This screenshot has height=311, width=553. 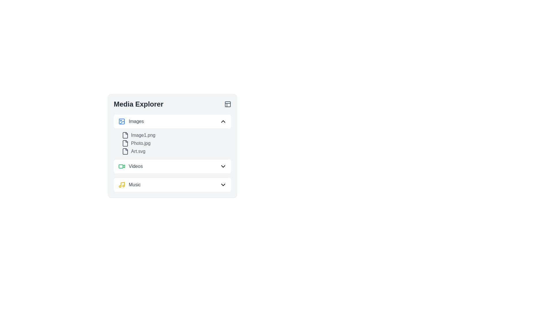 What do you see at coordinates (223, 166) in the screenshot?
I see `the downward-pointing chevron icon next to the 'Videos' label` at bounding box center [223, 166].